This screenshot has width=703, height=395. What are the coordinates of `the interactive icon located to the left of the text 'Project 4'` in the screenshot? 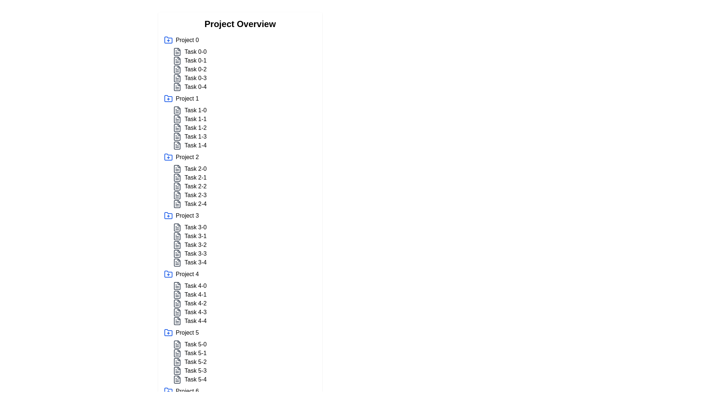 It's located at (168, 274).